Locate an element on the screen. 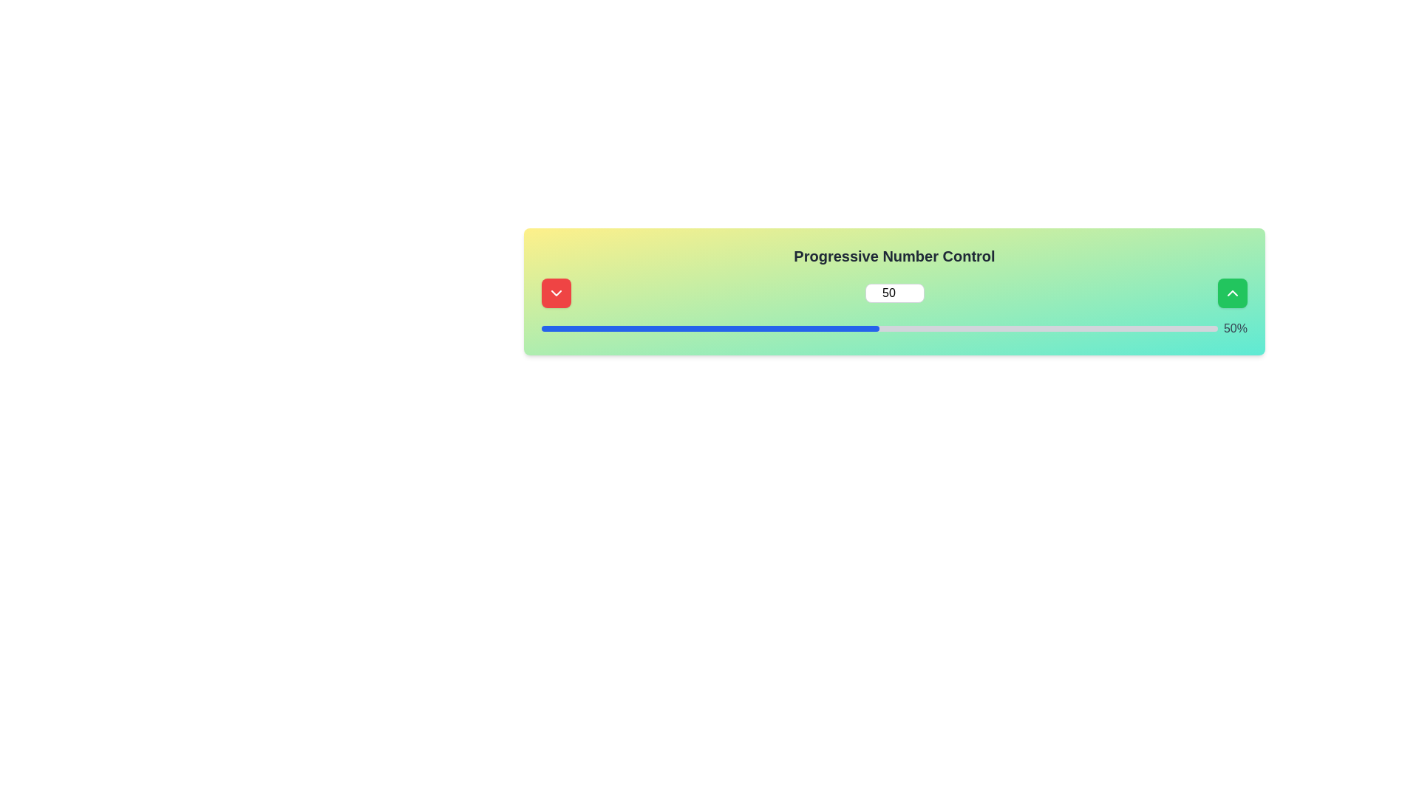 The image size is (1419, 798). the slider is located at coordinates (1204, 327).